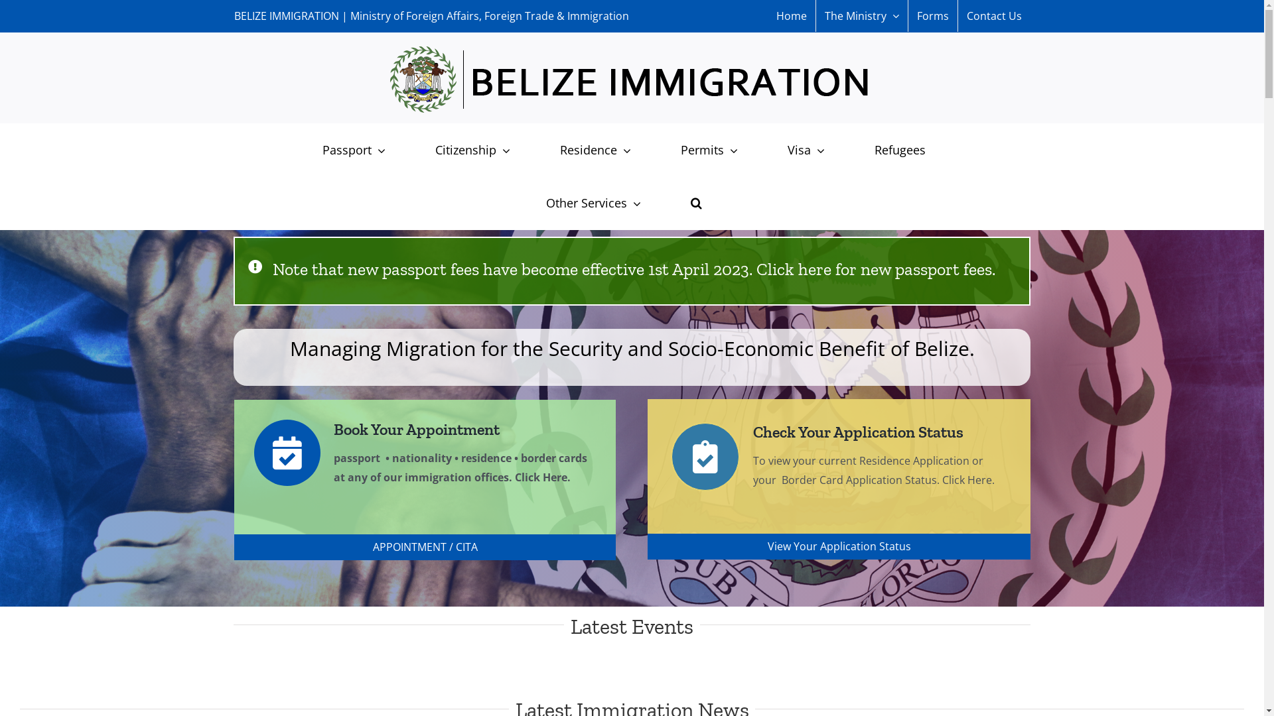  Describe the element at coordinates (932, 15) in the screenshot. I see `'Forms'` at that location.